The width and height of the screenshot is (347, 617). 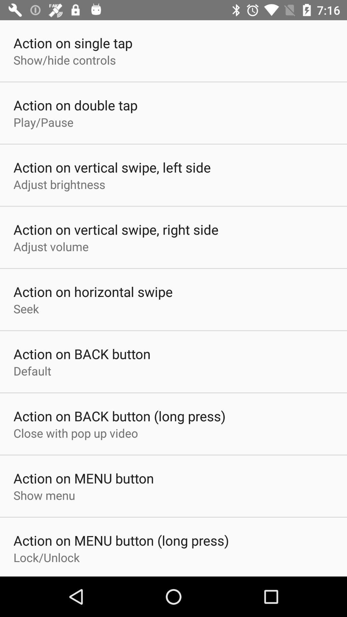 What do you see at coordinates (65, 60) in the screenshot?
I see `the show/hide controls item` at bounding box center [65, 60].